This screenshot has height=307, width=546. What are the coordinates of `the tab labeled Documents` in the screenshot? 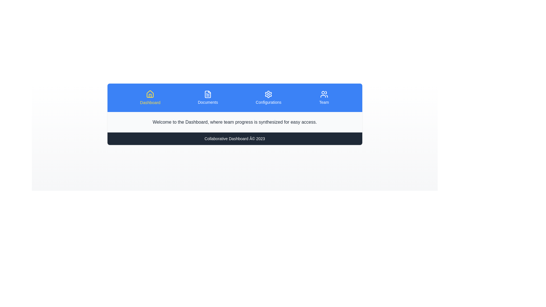 It's located at (208, 97).